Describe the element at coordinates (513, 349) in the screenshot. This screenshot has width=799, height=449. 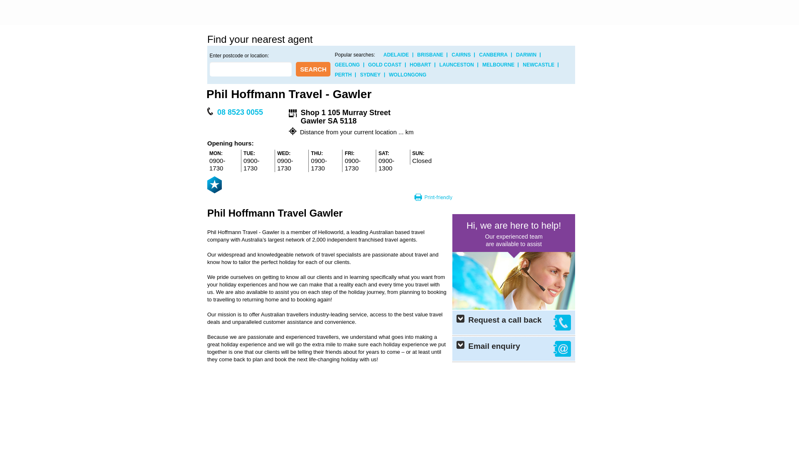
I see `'Email enquiry'` at that location.